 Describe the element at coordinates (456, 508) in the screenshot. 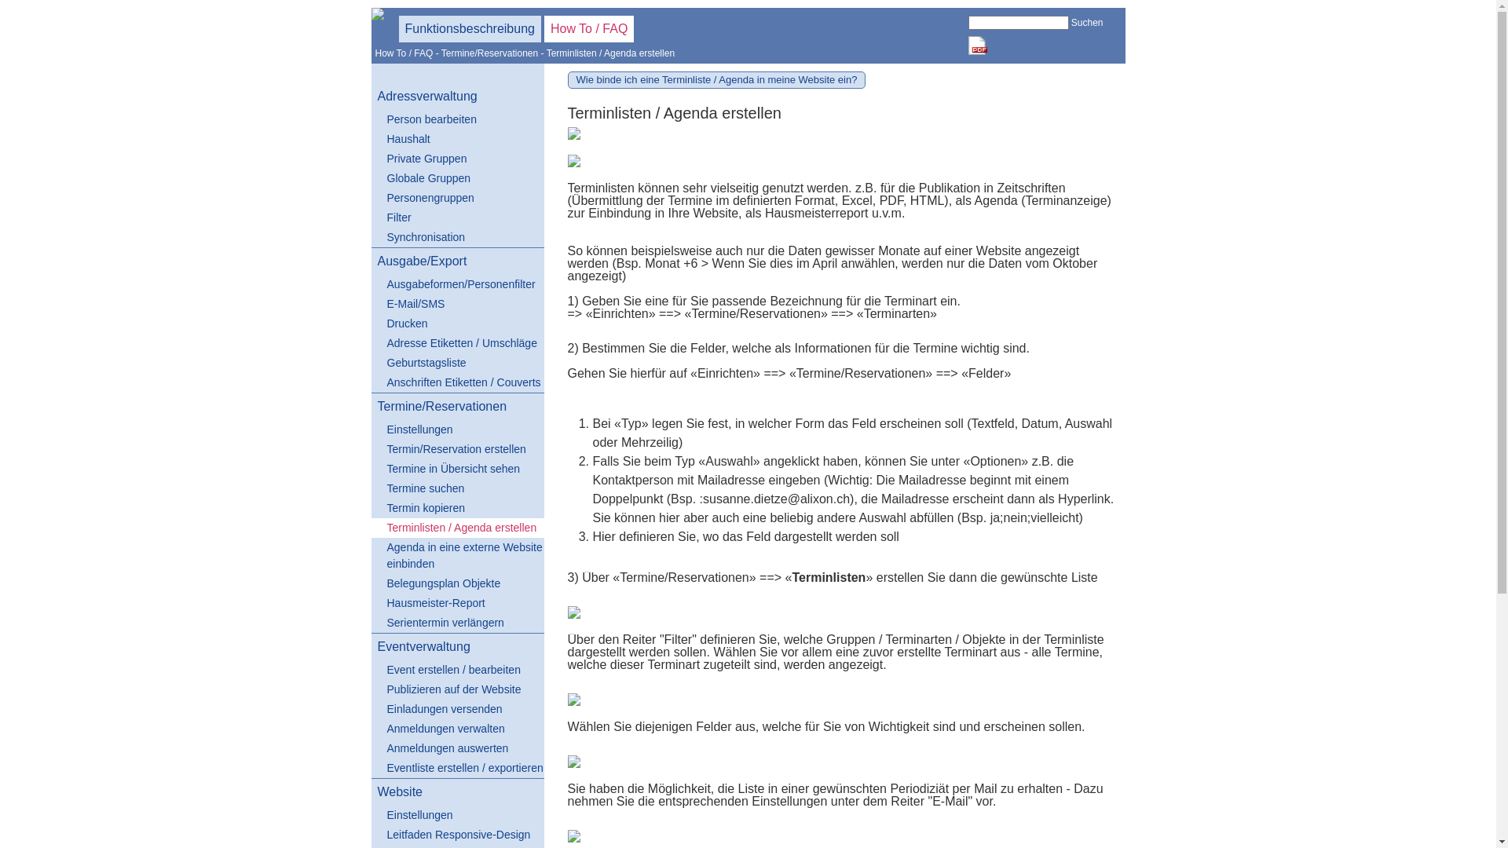

I see `'Termin kopieren'` at that location.